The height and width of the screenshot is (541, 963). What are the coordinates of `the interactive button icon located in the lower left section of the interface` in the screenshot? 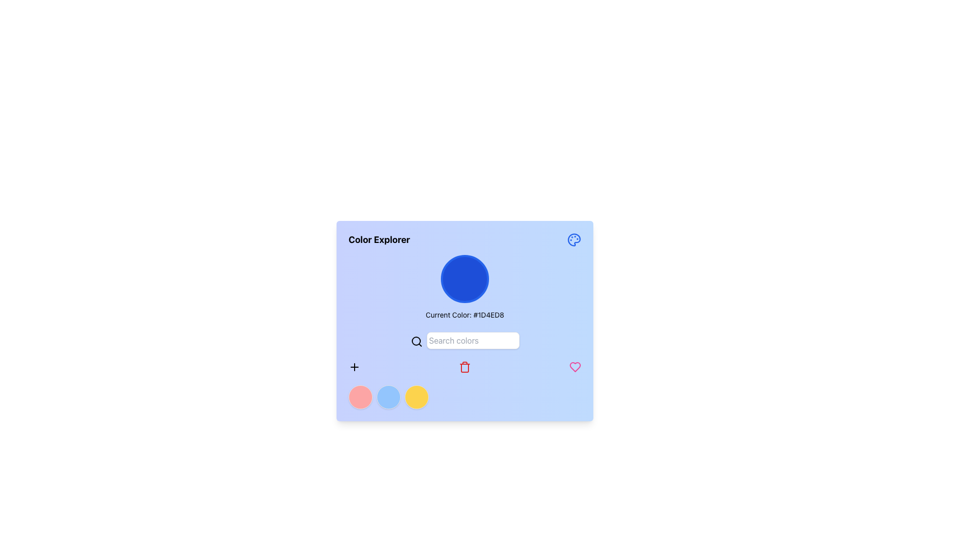 It's located at (354, 367).